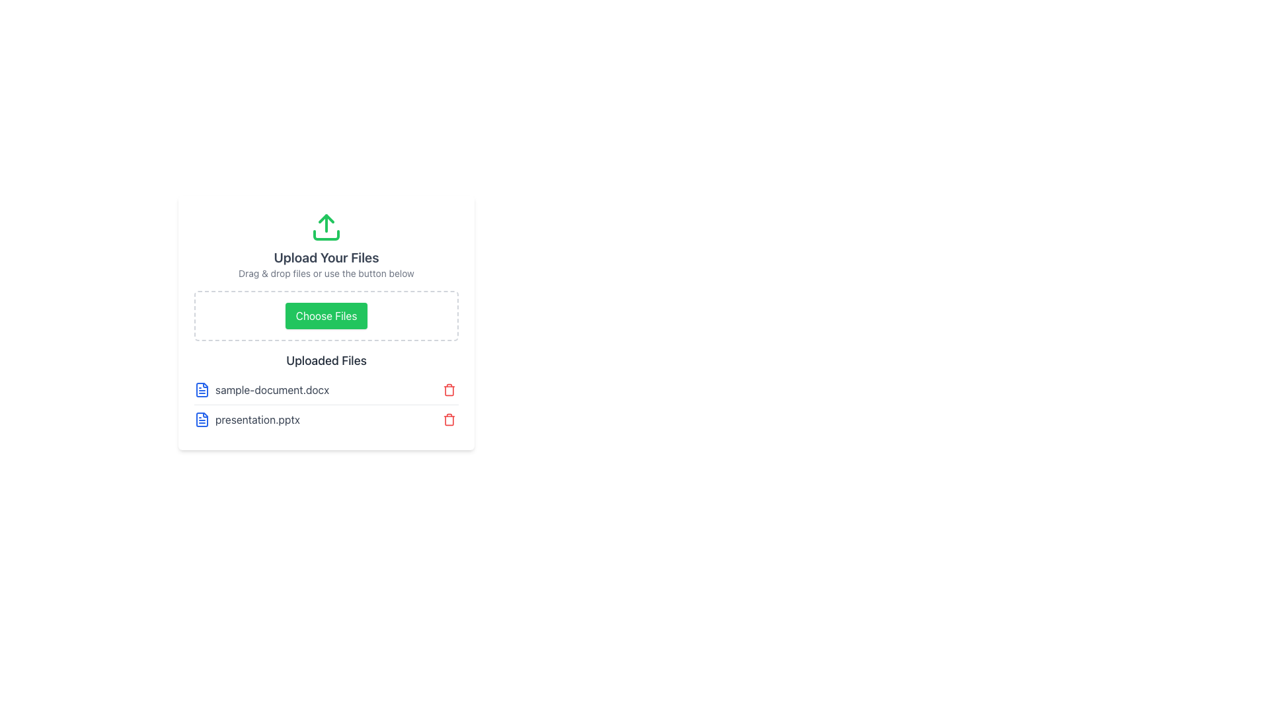  Describe the element at coordinates (327, 323) in the screenshot. I see `the green 'Choose Files' button` at that location.